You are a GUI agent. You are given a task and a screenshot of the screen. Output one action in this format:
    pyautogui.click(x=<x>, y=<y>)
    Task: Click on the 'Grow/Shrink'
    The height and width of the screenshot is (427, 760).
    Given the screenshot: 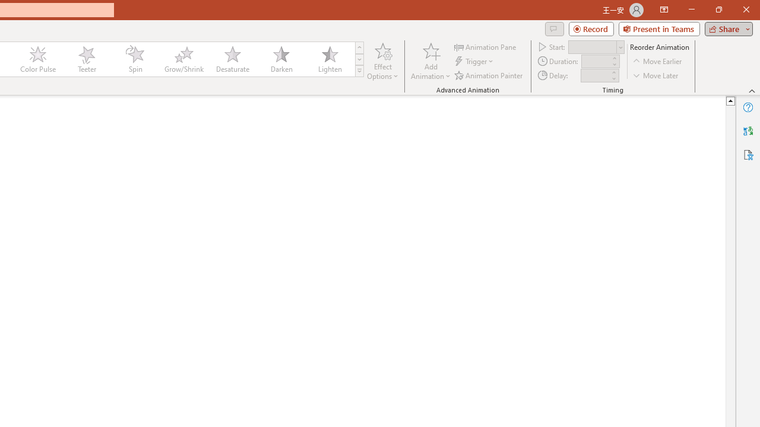 What is the action you would take?
    pyautogui.click(x=183, y=59)
    